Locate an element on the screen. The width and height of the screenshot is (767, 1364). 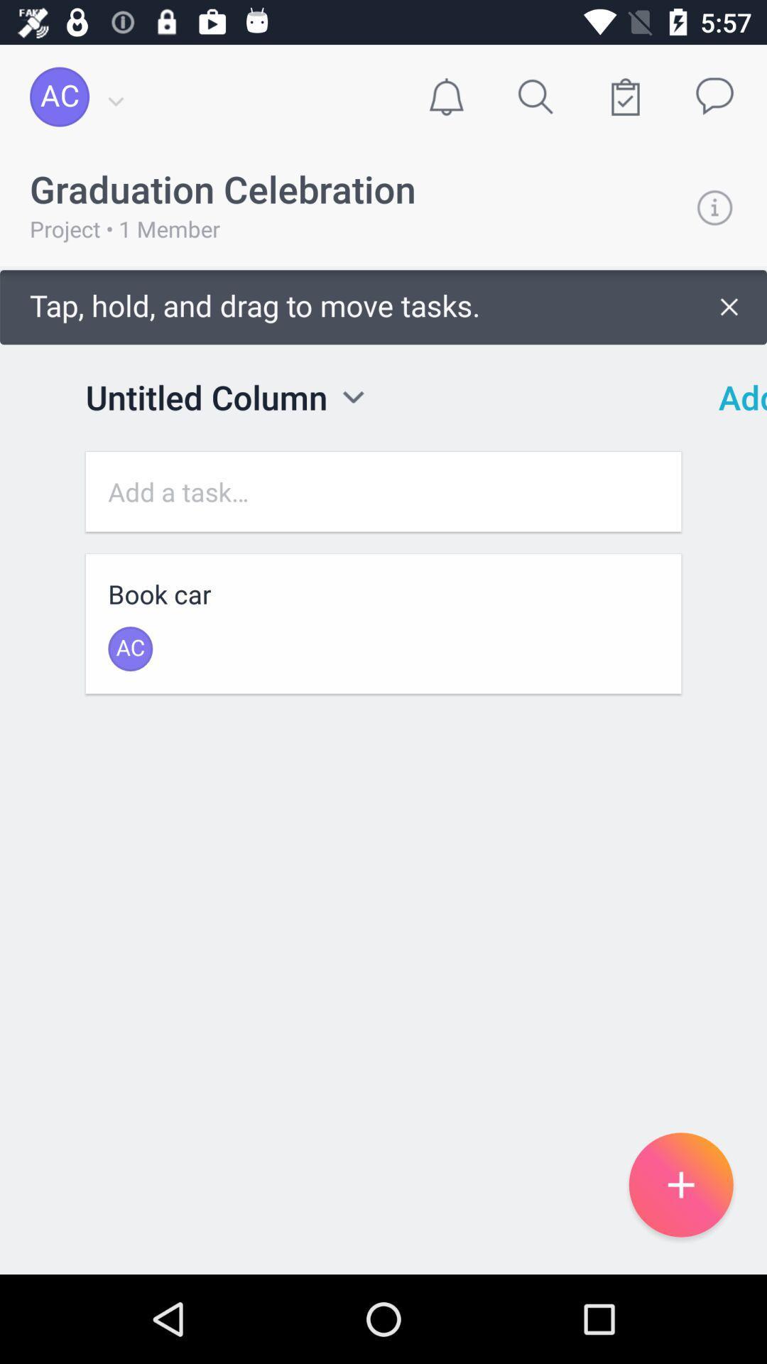
the item above the book car item is located at coordinates (383, 492).